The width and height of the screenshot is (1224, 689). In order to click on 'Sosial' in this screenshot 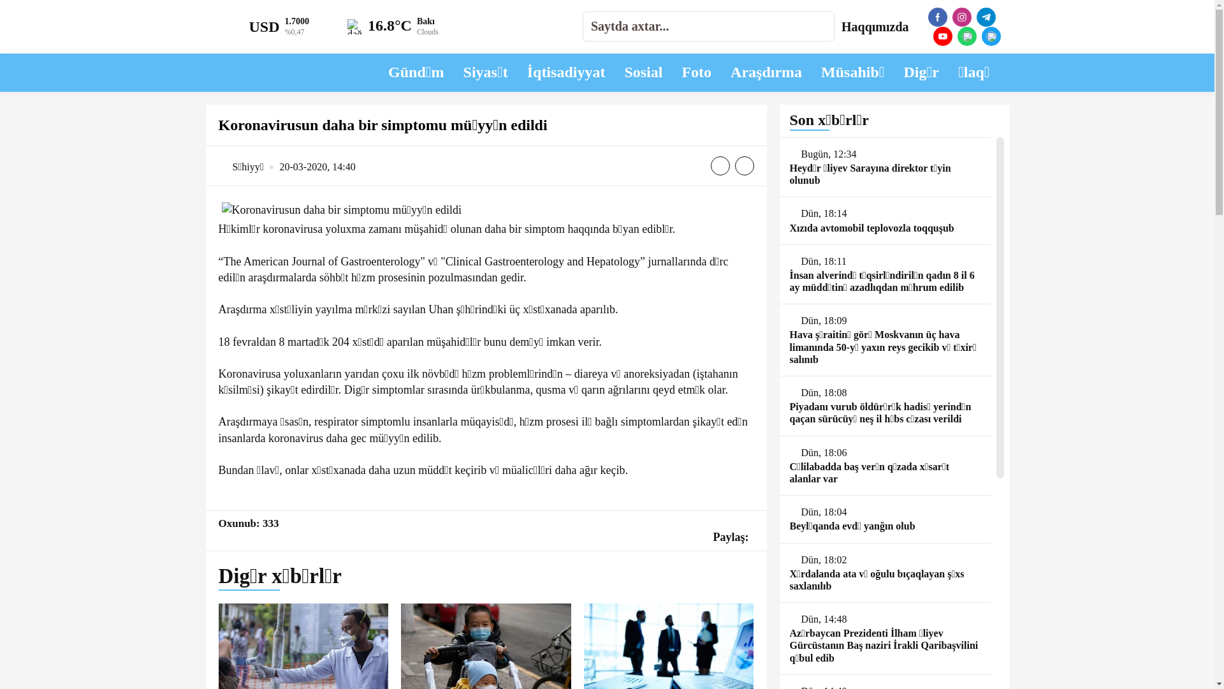, I will do `click(643, 72)`.